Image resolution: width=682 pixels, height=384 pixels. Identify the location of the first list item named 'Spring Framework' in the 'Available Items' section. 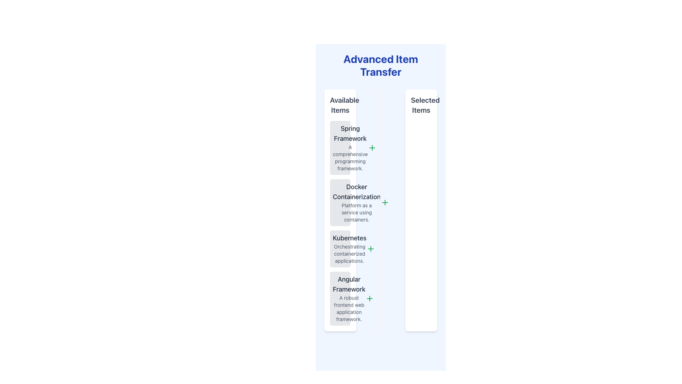
(340, 148).